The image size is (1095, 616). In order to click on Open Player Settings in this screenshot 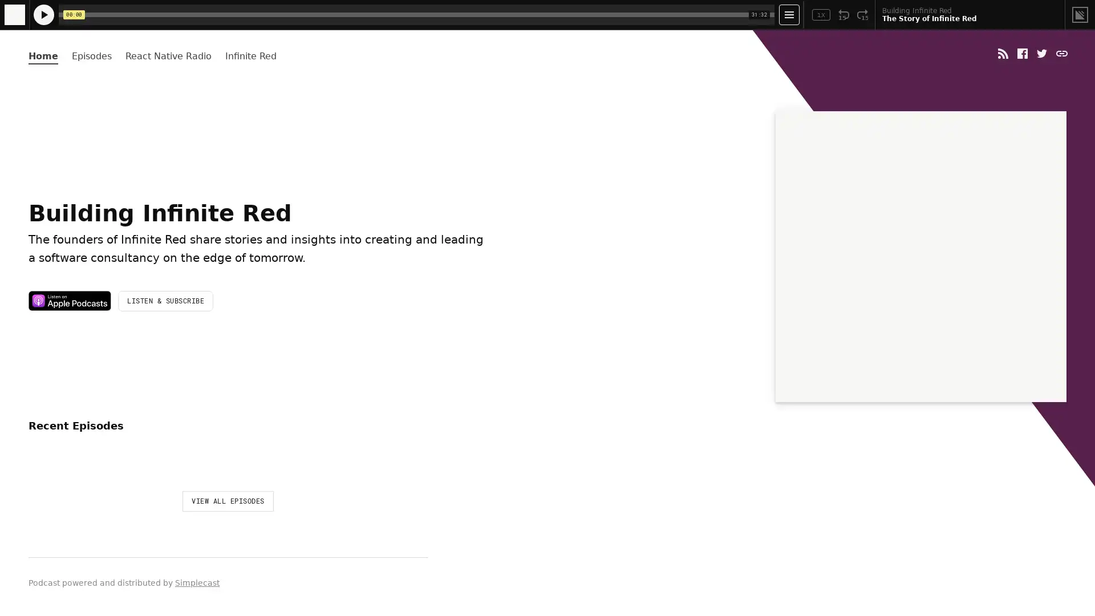, I will do `click(788, 15)`.